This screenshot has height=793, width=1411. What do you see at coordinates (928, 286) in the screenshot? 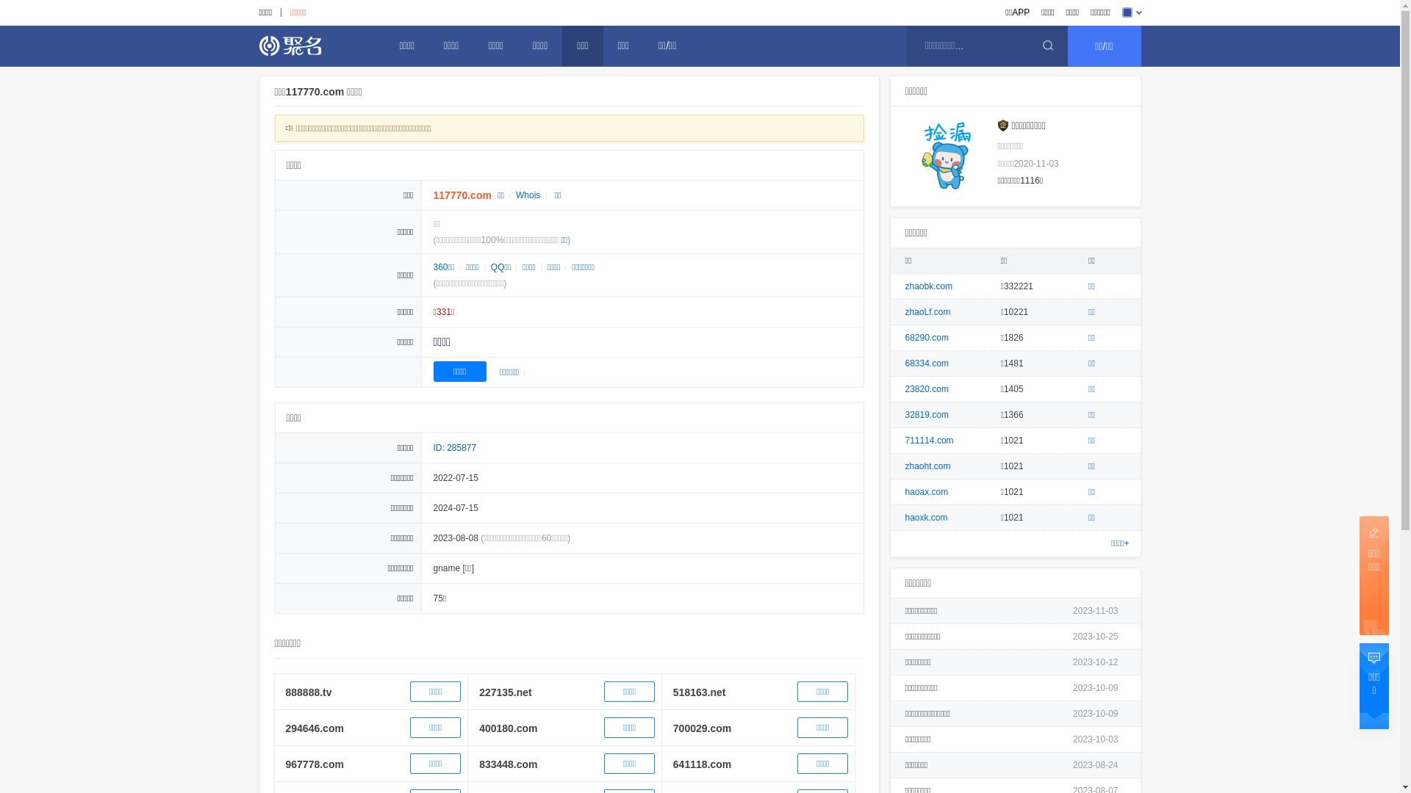
I see `'zhaobk.com'` at bounding box center [928, 286].